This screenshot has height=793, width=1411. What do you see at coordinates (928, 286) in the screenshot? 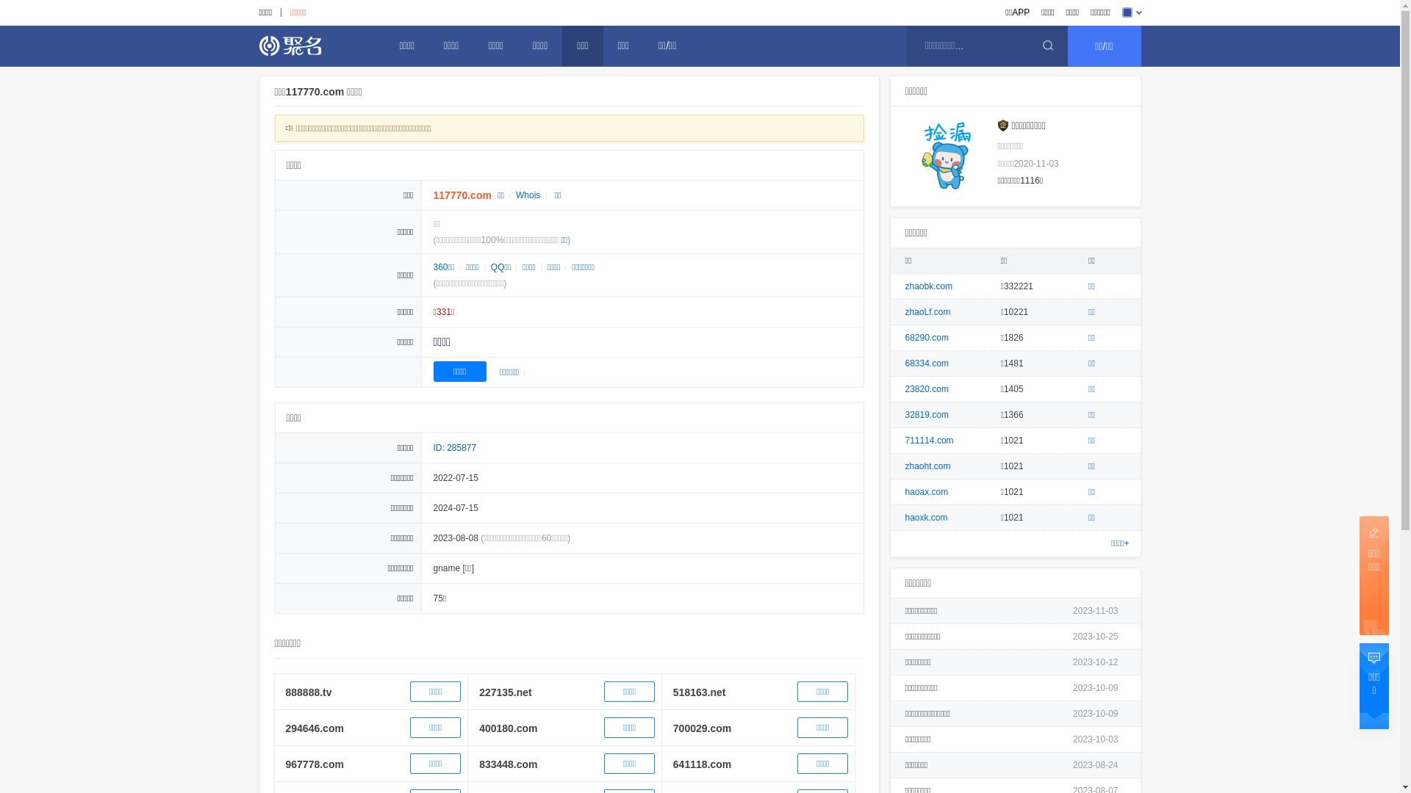
I see `'zhaobk.com'` at bounding box center [928, 286].